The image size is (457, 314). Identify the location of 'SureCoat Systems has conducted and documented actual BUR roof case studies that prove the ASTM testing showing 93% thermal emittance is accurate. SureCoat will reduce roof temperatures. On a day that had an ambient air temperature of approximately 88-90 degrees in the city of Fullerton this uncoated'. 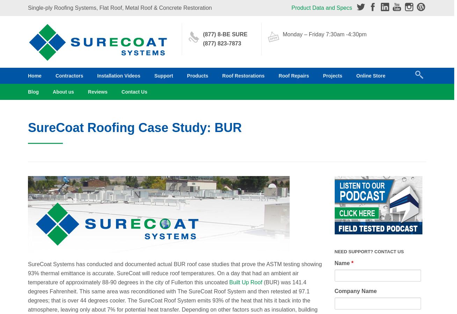
(175, 273).